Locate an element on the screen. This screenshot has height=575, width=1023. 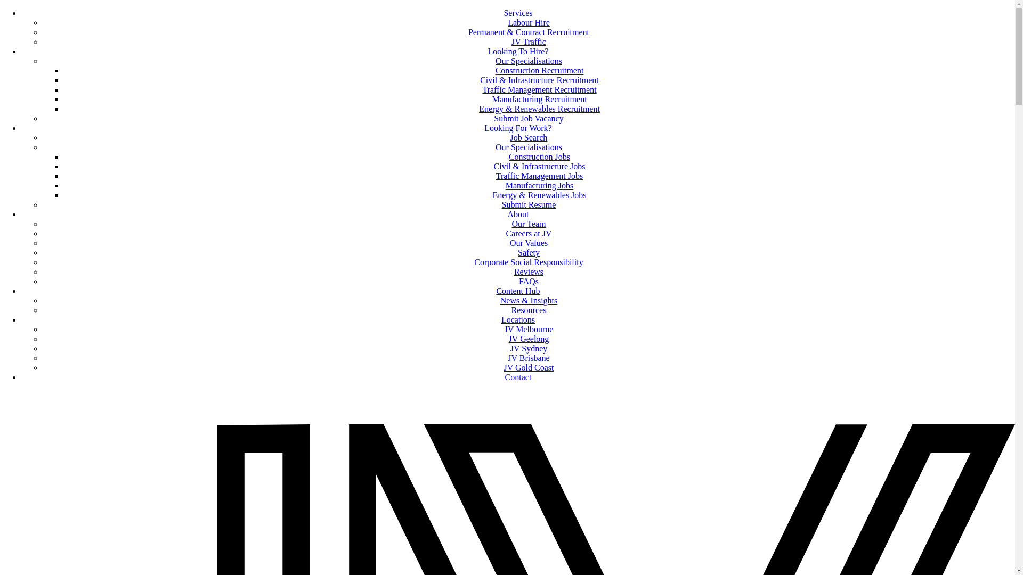
'Content Hub' is located at coordinates (496, 291).